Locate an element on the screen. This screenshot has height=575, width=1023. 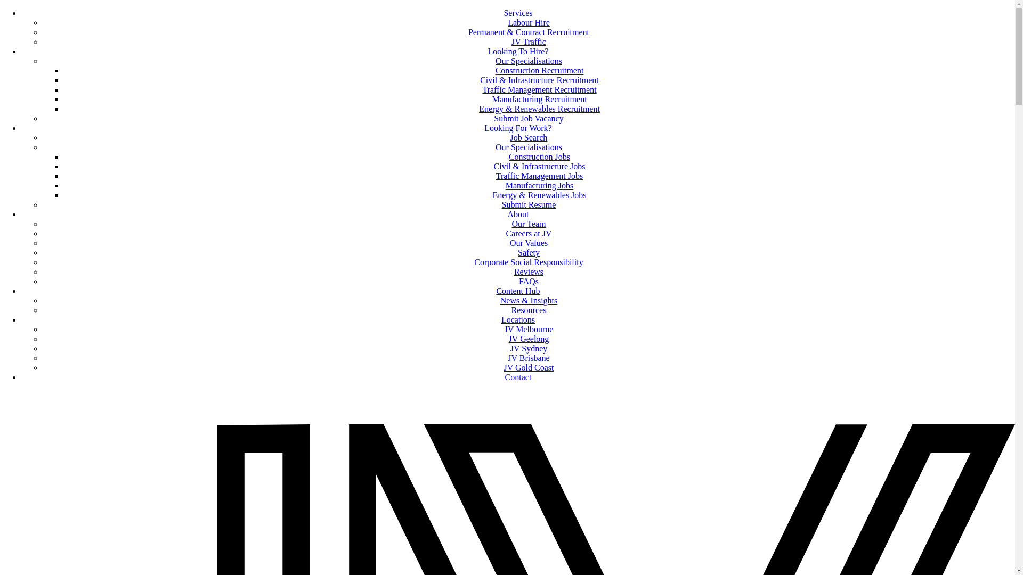
'Content Hub' is located at coordinates (496, 291).